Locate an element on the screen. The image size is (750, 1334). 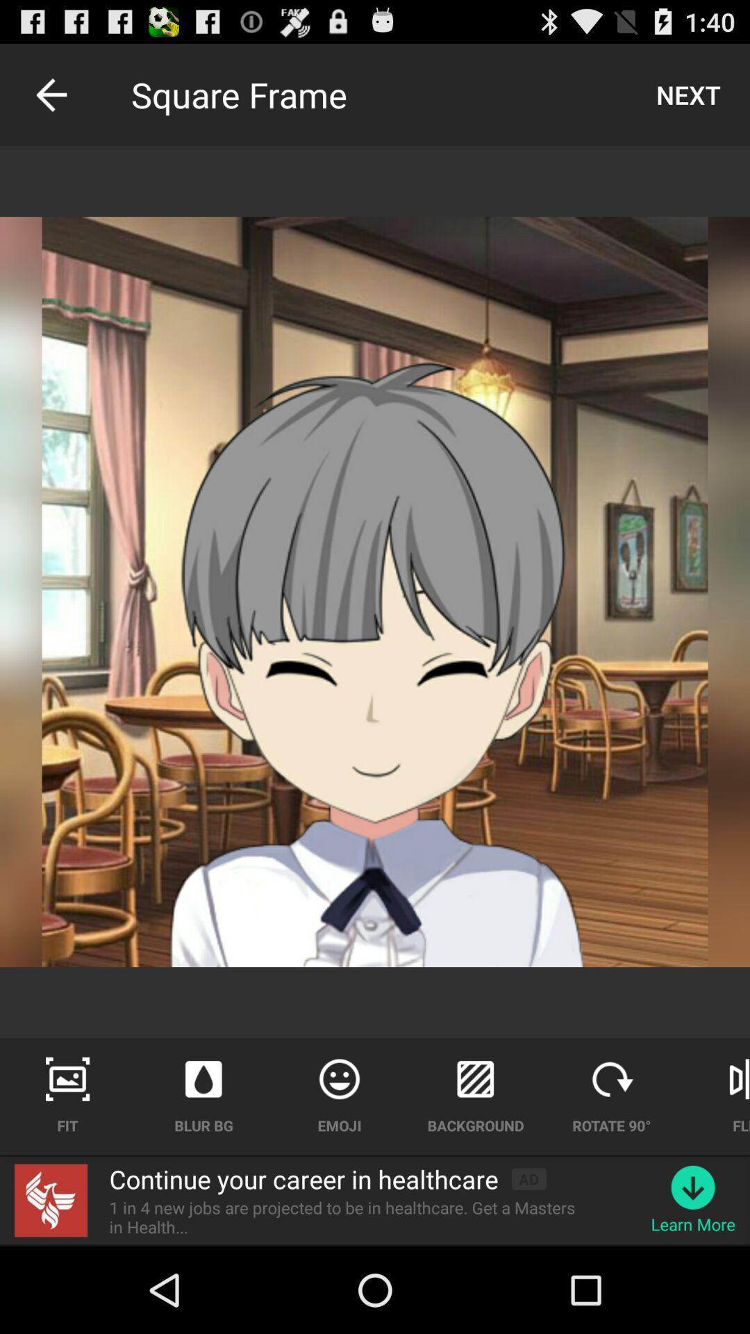
the item next to the continue your career is located at coordinates (528, 1178).